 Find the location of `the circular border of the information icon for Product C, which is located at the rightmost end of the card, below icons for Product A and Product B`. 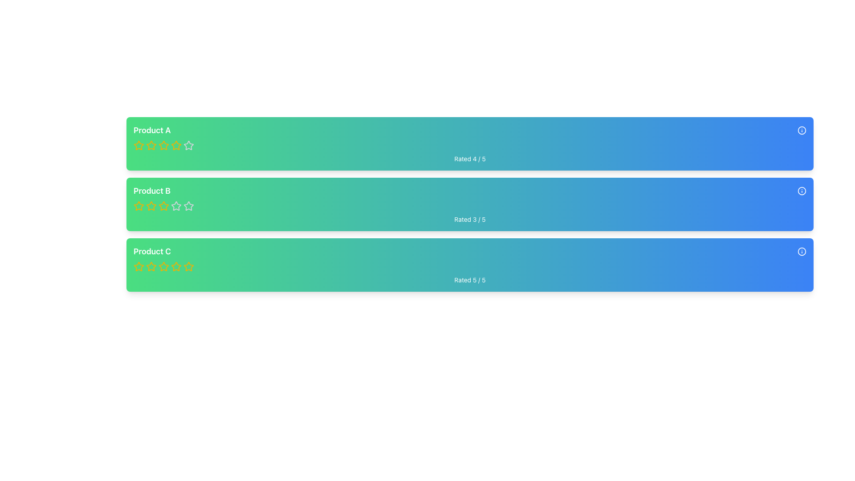

the circular border of the information icon for Product C, which is located at the rightmost end of the card, below icons for Product A and Product B is located at coordinates (802, 251).